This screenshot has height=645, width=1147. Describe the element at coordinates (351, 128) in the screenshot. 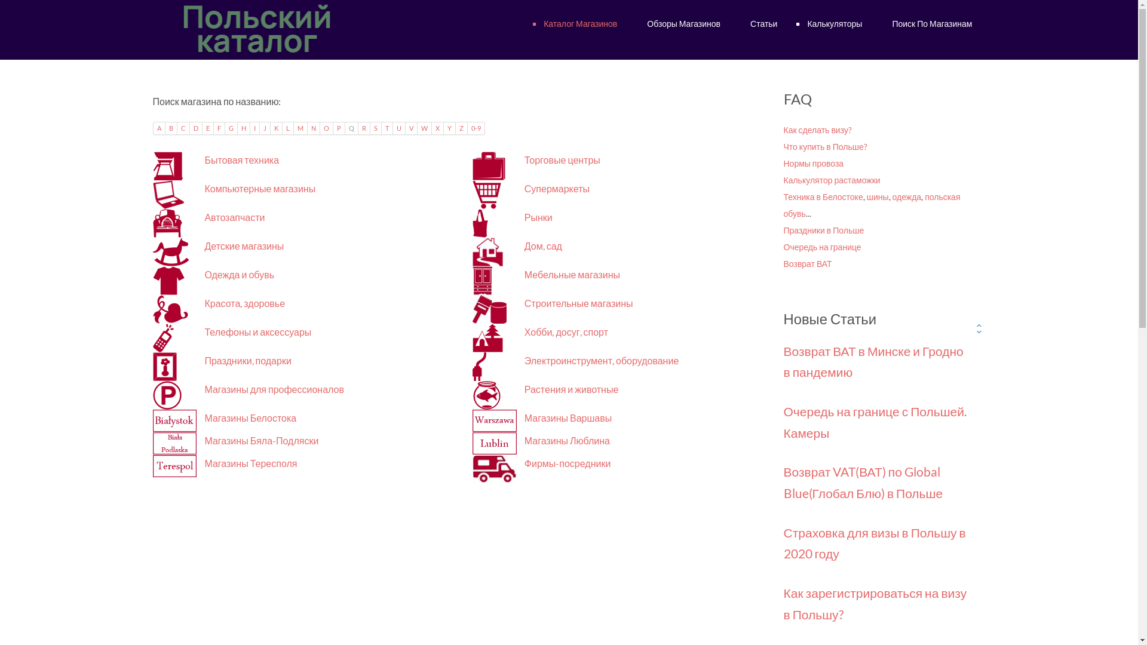

I see `'Q'` at that location.